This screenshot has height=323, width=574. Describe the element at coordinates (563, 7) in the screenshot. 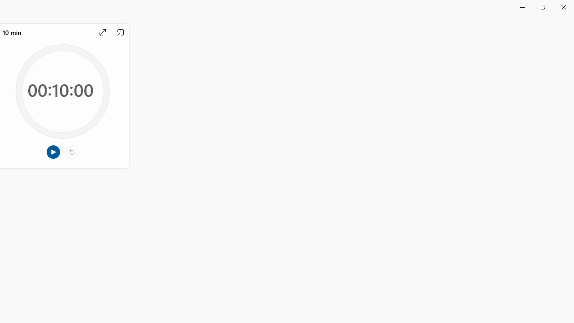

I see `'Close Clock'` at that location.